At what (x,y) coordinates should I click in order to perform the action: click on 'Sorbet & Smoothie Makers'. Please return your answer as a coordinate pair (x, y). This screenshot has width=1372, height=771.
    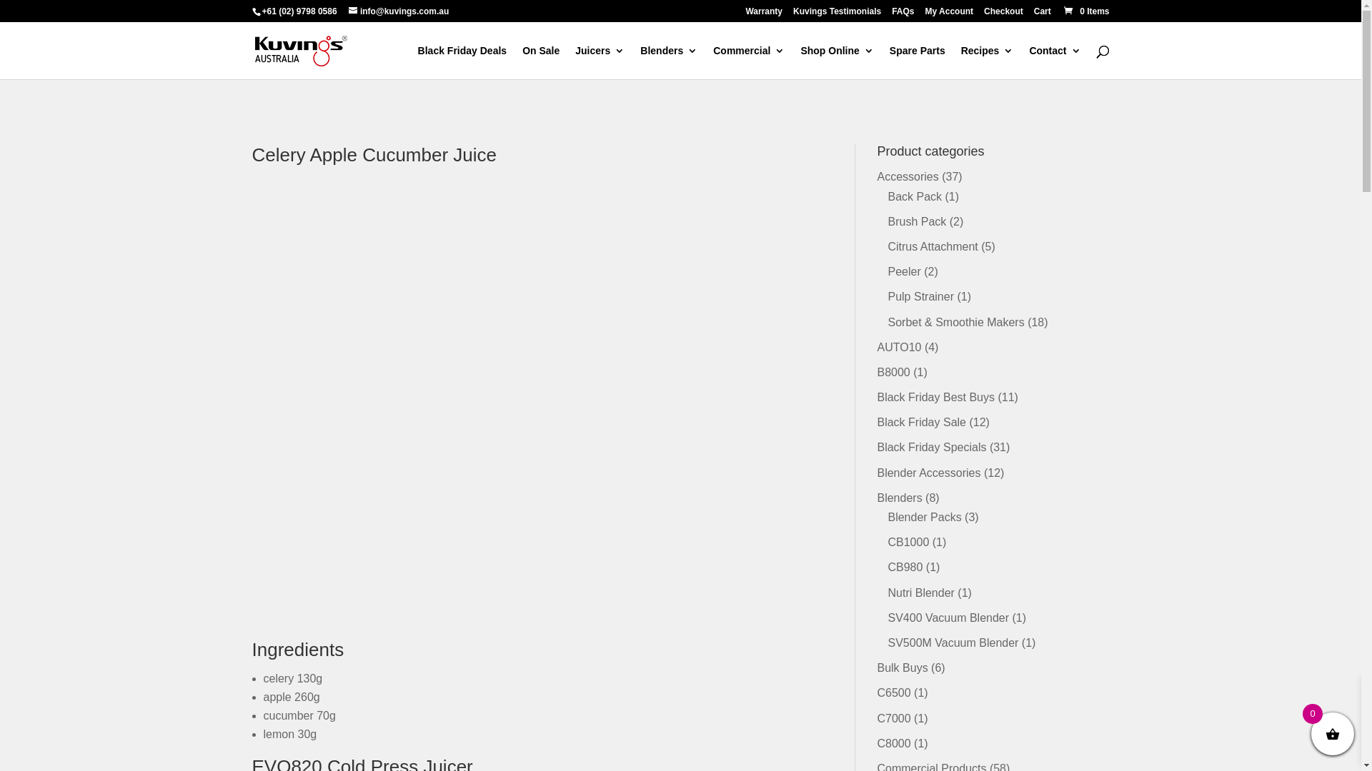
    Looking at the image, I should click on (955, 322).